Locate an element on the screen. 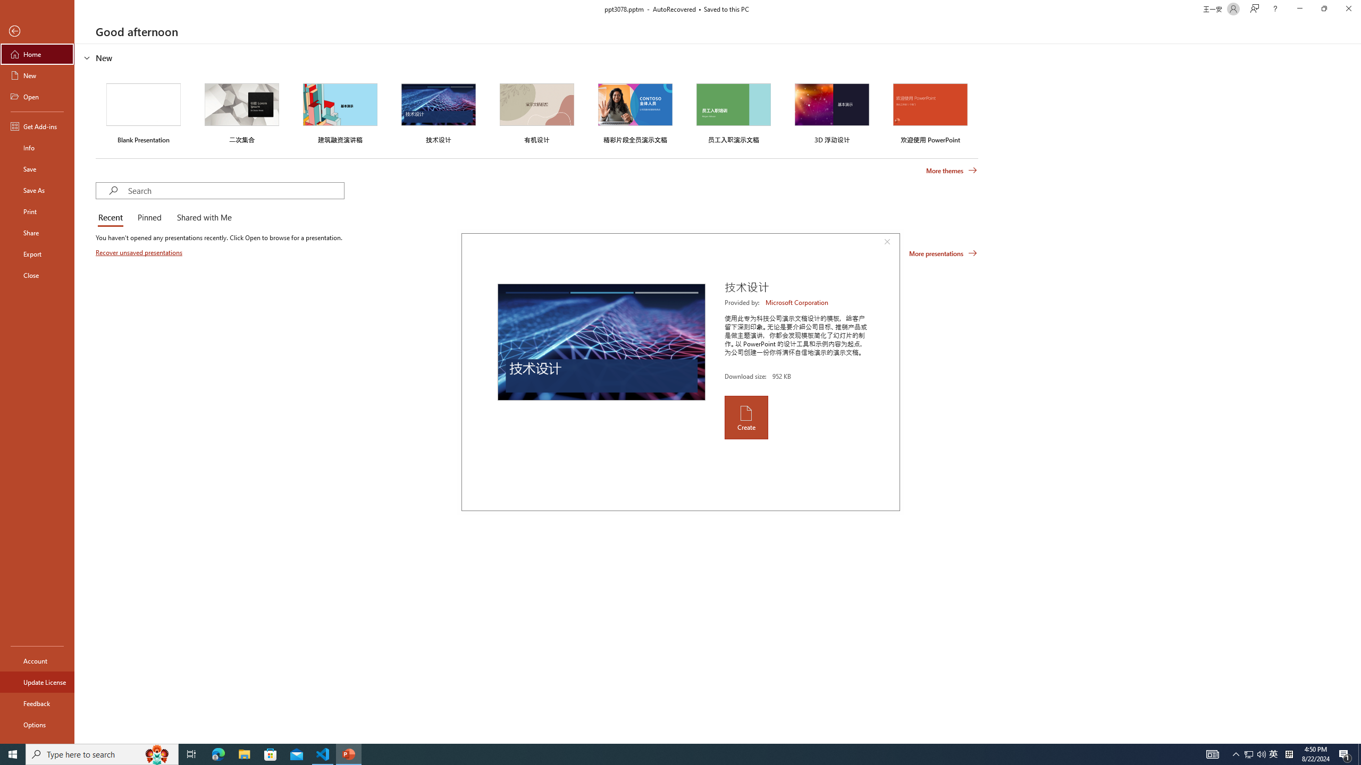 The image size is (1361, 765). 'More presentations' is located at coordinates (943, 252).